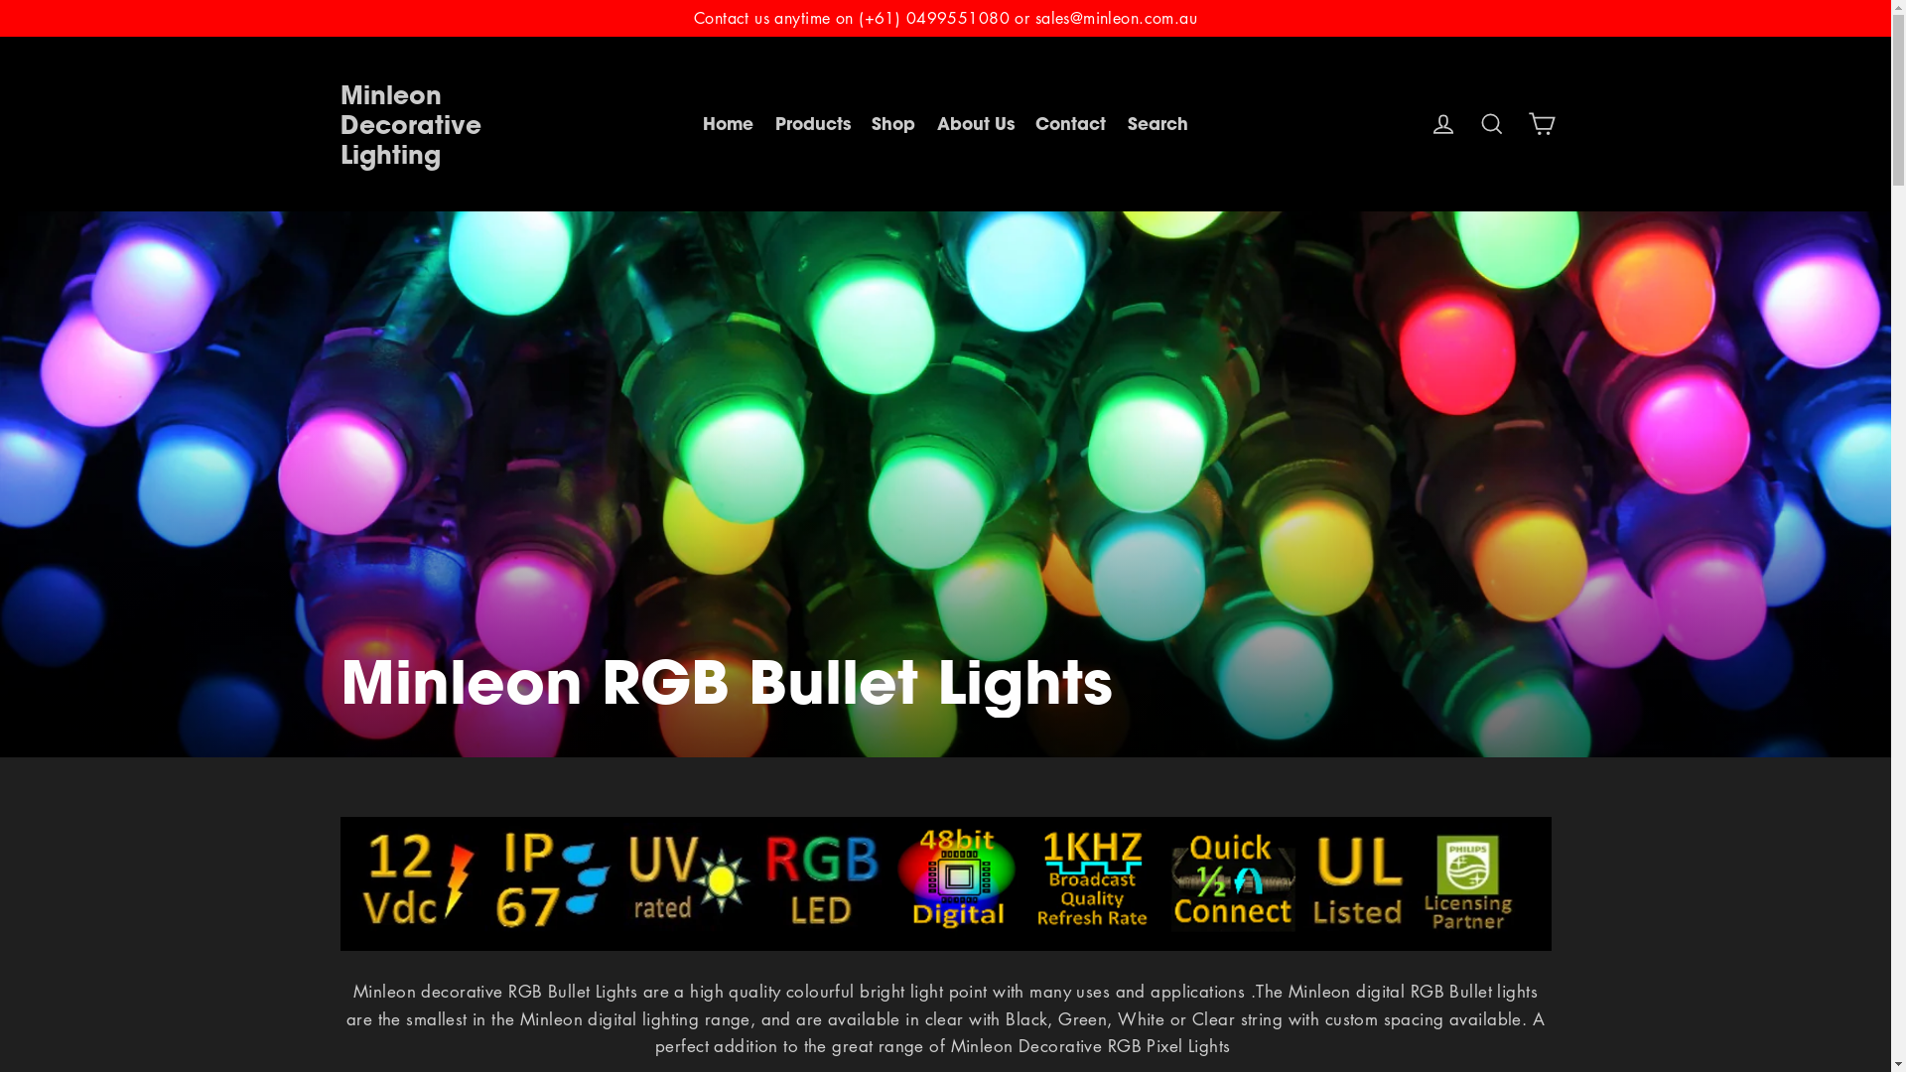  Describe the element at coordinates (892, 123) in the screenshot. I see `'Shop'` at that location.